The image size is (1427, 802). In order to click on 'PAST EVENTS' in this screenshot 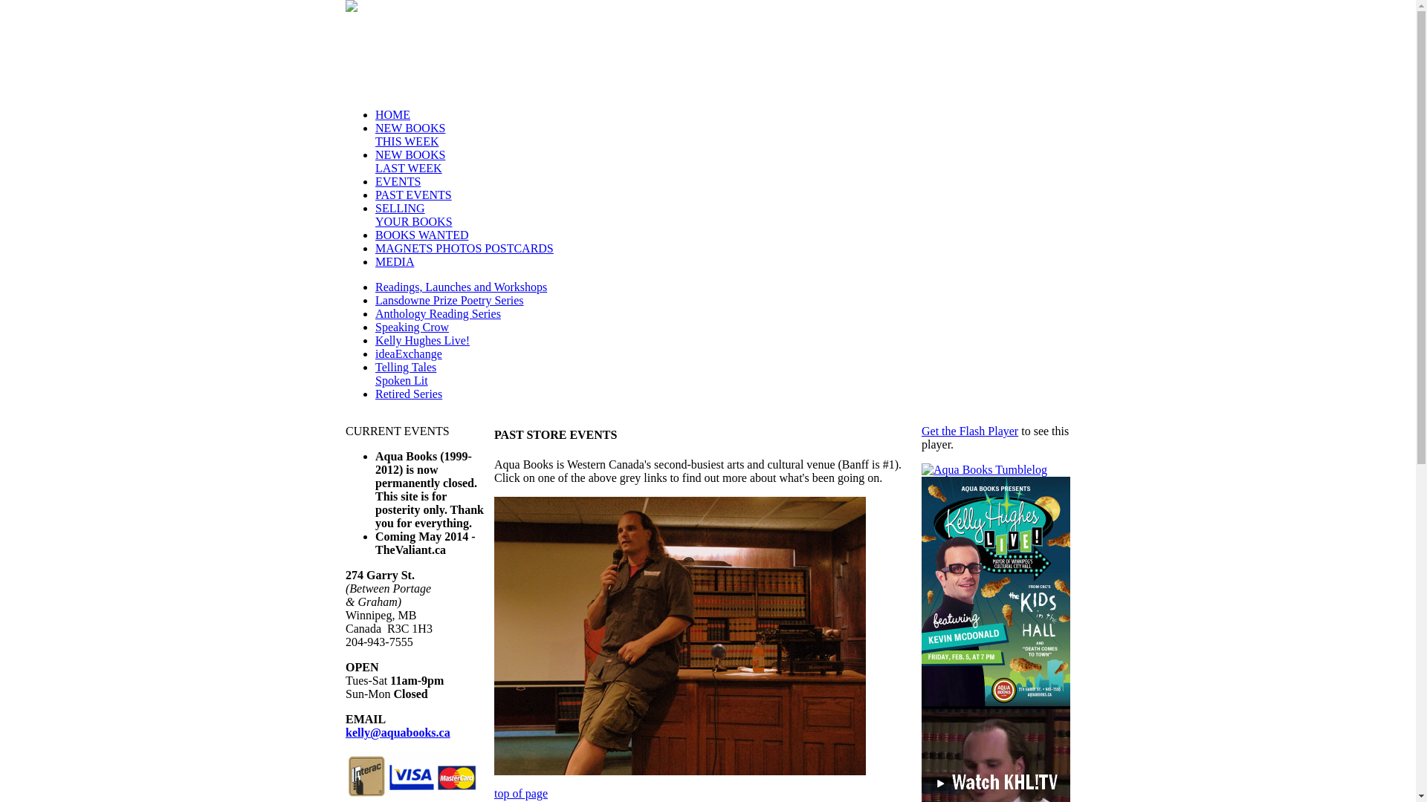, I will do `click(413, 194)`.